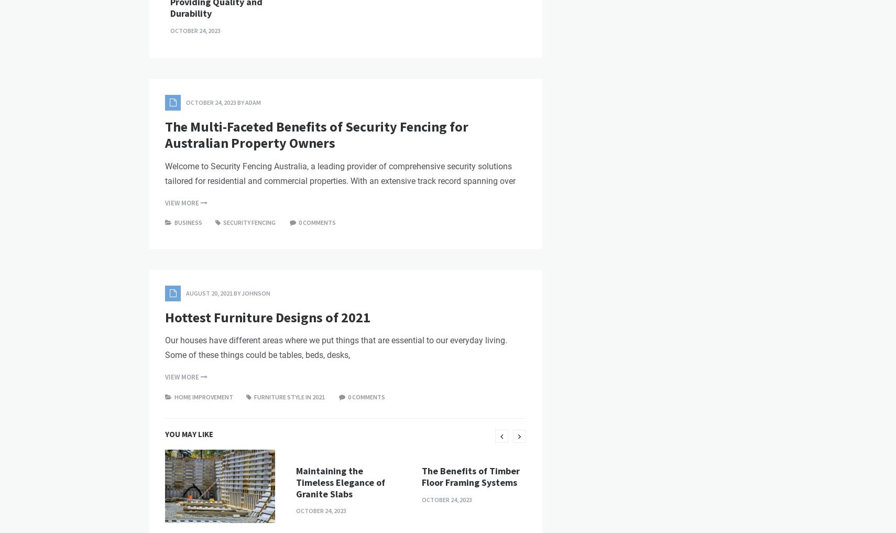  What do you see at coordinates (188, 401) in the screenshot?
I see `'Business'` at bounding box center [188, 401].